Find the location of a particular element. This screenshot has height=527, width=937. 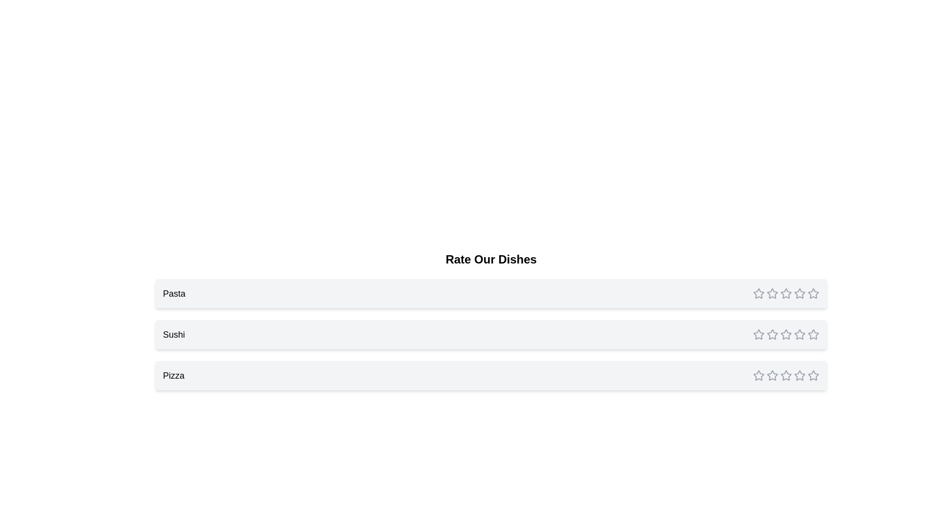

the fourth star icon in the rating system for the 'Pizza' row to give a rating is located at coordinates (799, 374).